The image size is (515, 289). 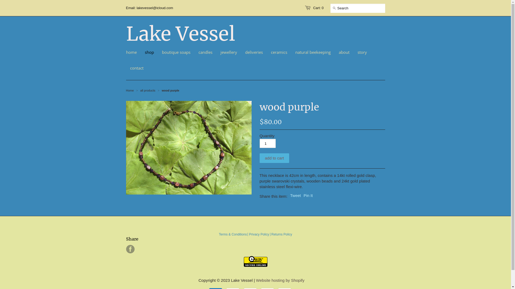 I want to click on 'candles', so click(x=205, y=52).